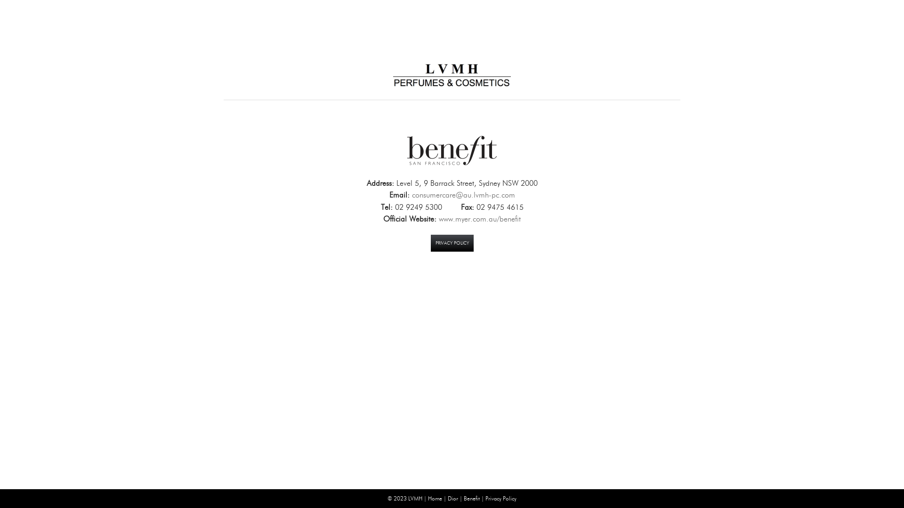  What do you see at coordinates (463, 498) in the screenshot?
I see `'Benefit'` at bounding box center [463, 498].